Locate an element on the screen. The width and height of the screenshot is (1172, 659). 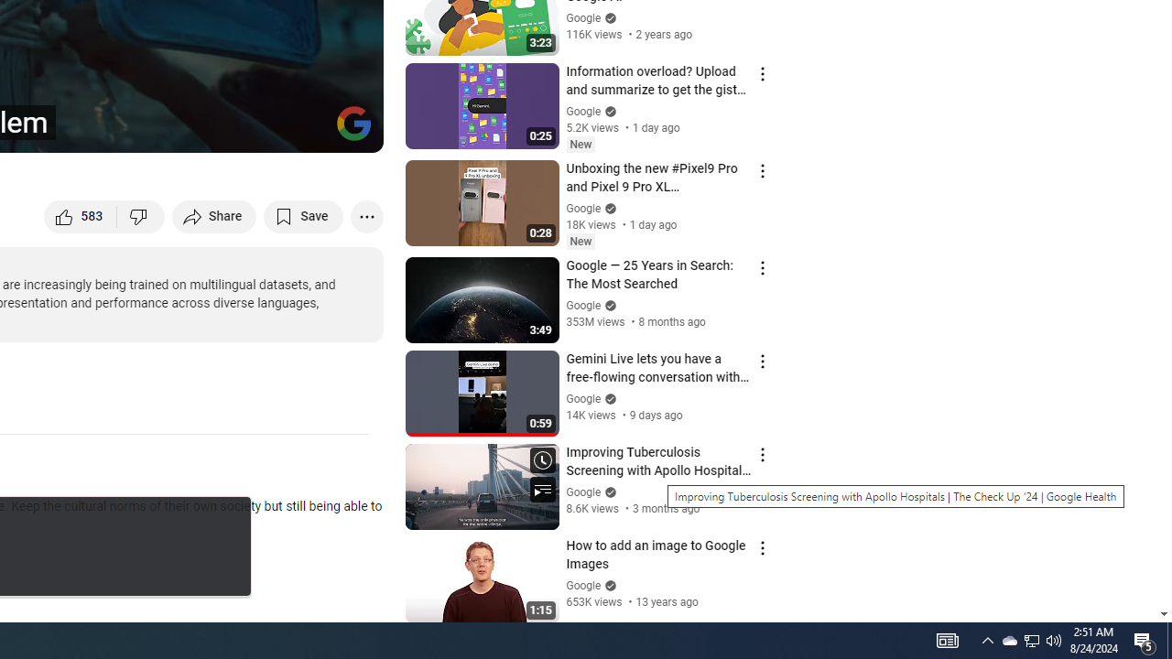
'Dislike this video' is located at coordinates (140, 215).